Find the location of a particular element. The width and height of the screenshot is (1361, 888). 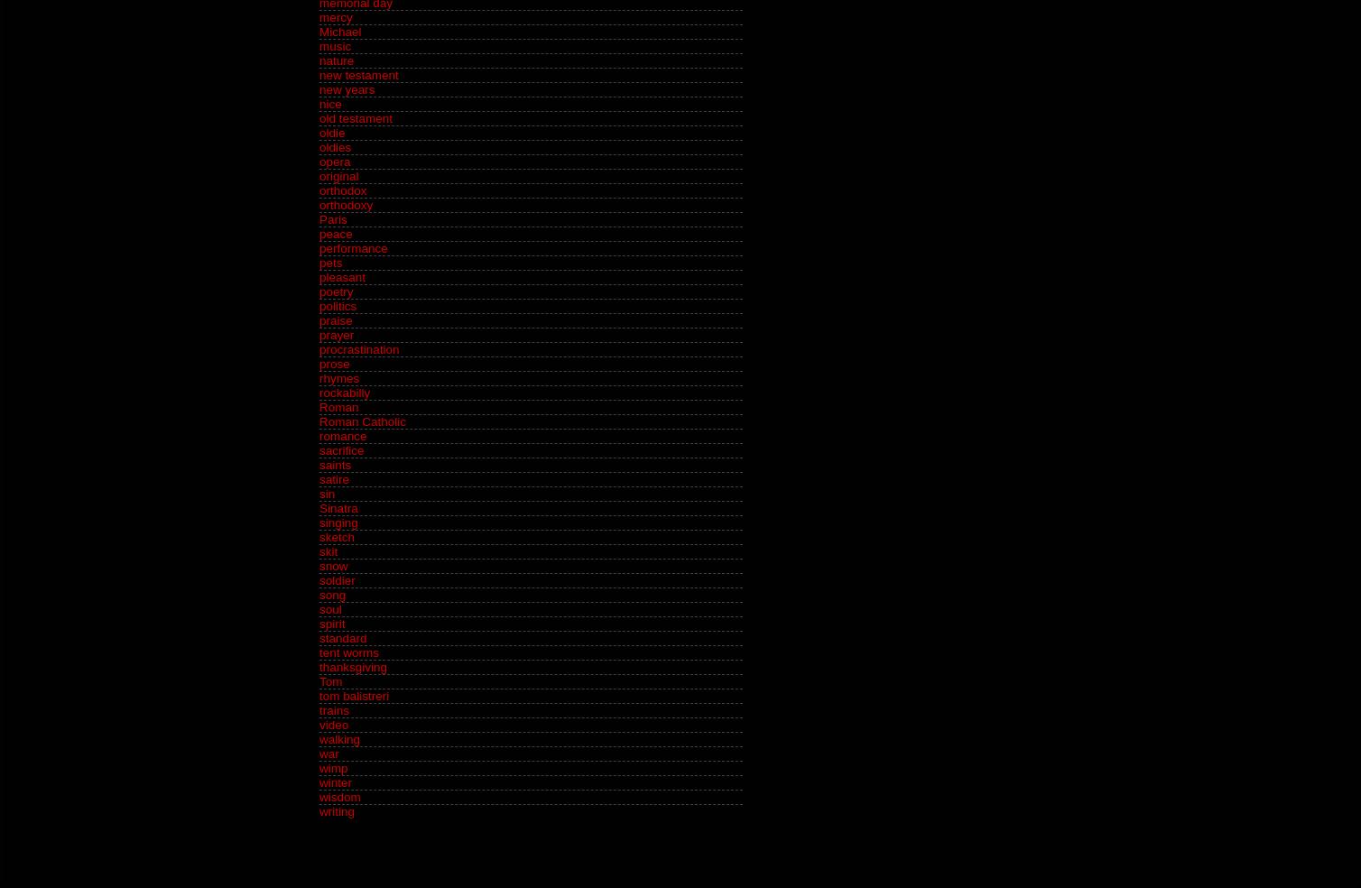

'sin' is located at coordinates (326, 493).